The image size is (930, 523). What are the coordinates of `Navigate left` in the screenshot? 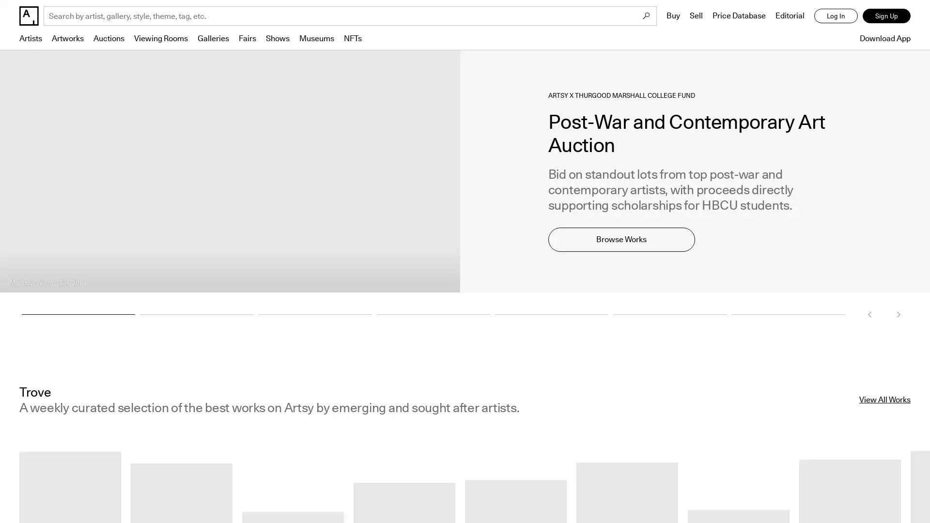 It's located at (869, 314).